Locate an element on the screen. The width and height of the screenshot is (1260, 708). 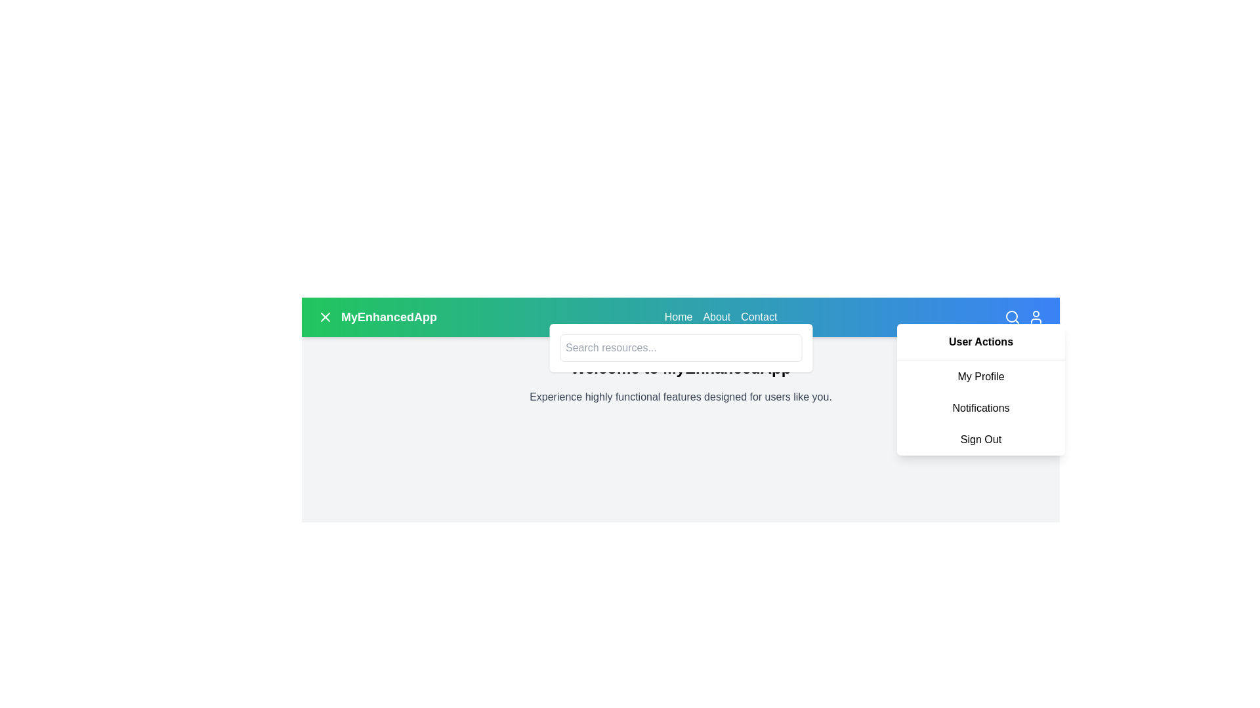
the search trigger button located in the top-right corner of the navigation bar to initiate a search action is located at coordinates (1011, 317).